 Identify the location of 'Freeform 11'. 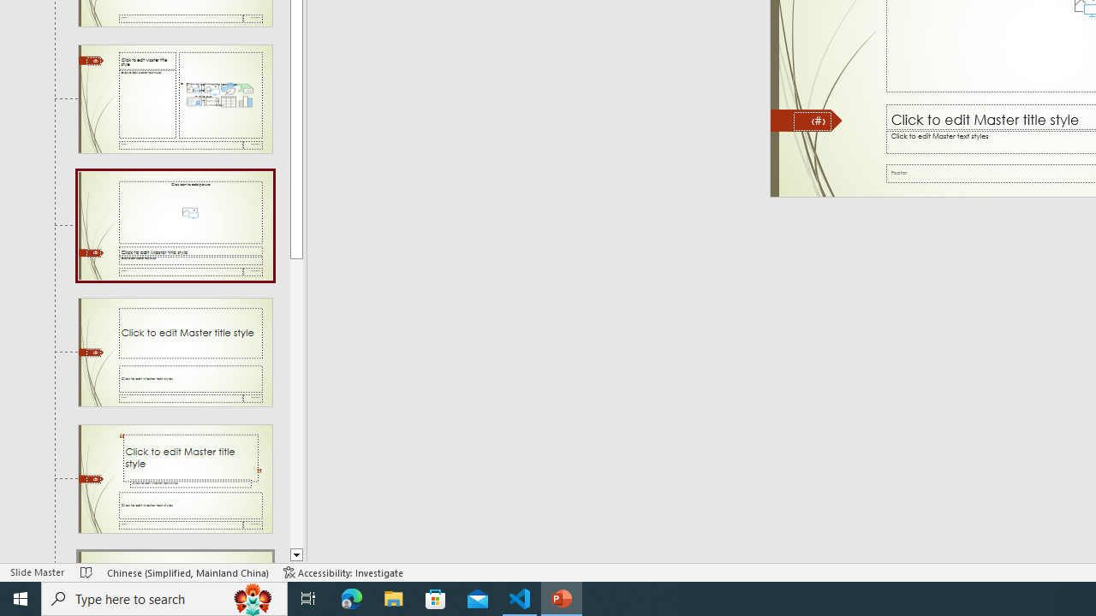
(806, 120).